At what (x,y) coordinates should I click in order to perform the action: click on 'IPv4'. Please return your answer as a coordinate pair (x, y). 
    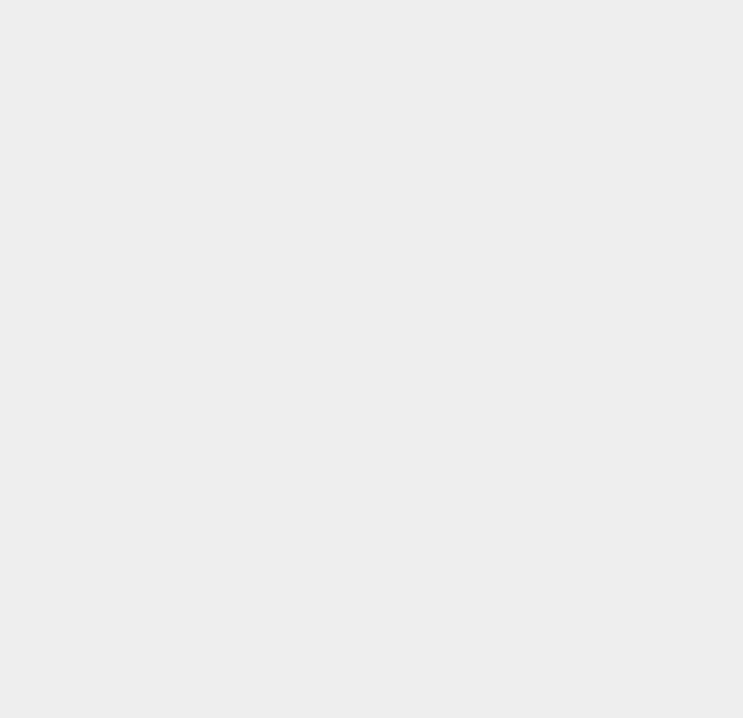
    Looking at the image, I should click on (535, 578).